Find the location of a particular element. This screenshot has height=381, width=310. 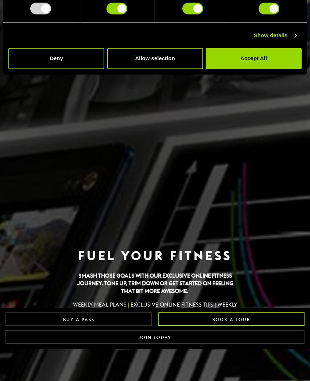

'6 WEEK REVIEW' is located at coordinates (197, 312).